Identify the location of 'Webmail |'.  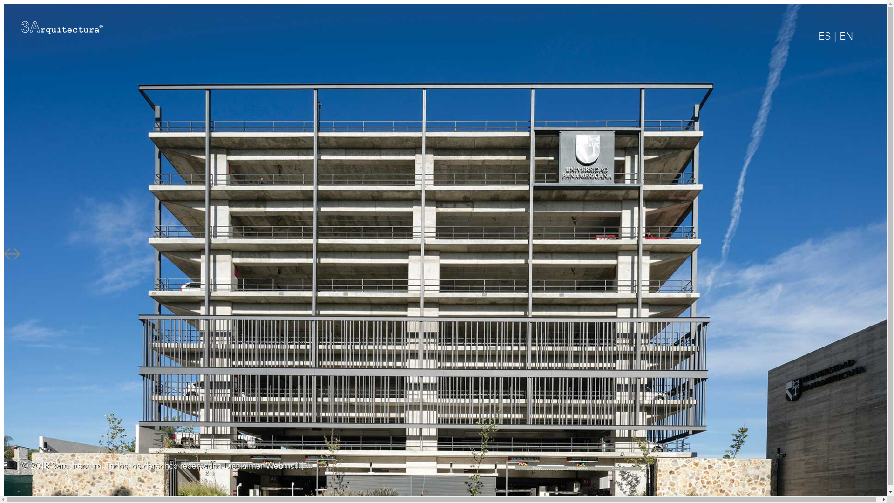
(284, 466).